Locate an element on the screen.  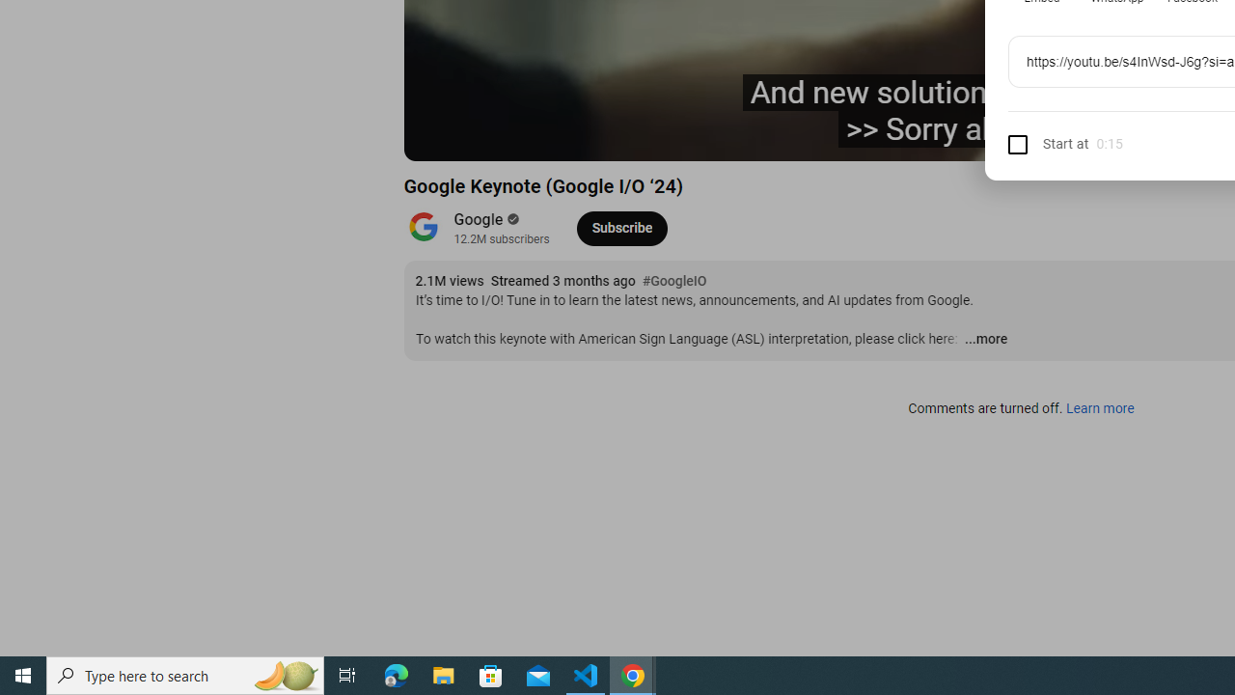
'Learn more' is located at coordinates (1099, 408).